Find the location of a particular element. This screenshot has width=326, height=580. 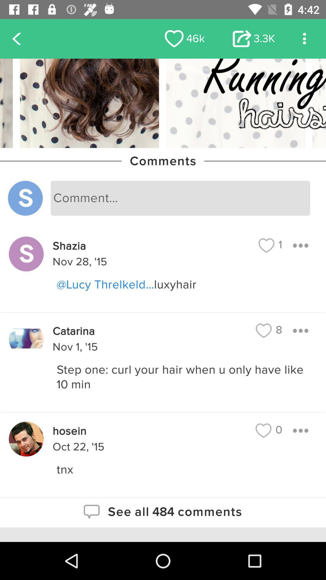

return to main image is located at coordinates (163, 103).